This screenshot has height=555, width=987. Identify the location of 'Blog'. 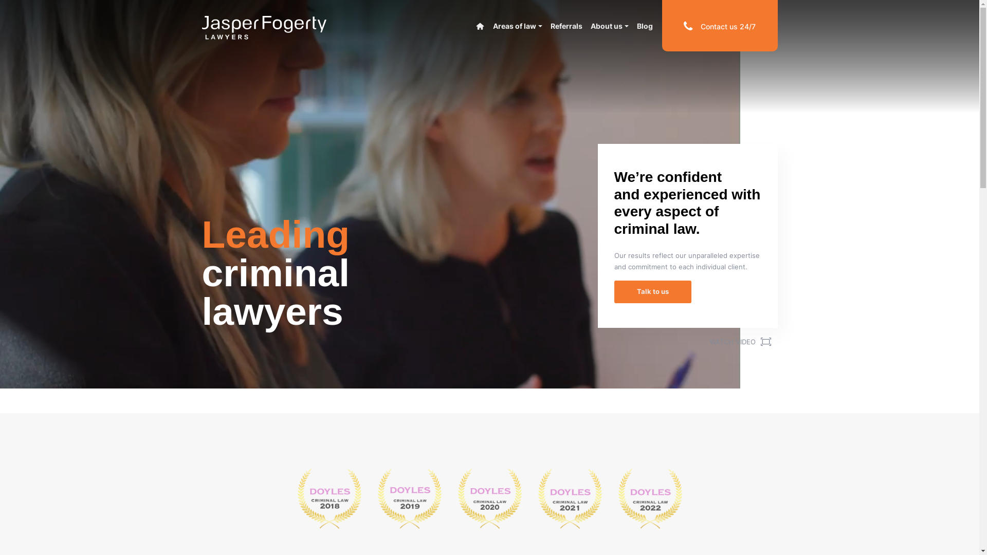
(644, 25).